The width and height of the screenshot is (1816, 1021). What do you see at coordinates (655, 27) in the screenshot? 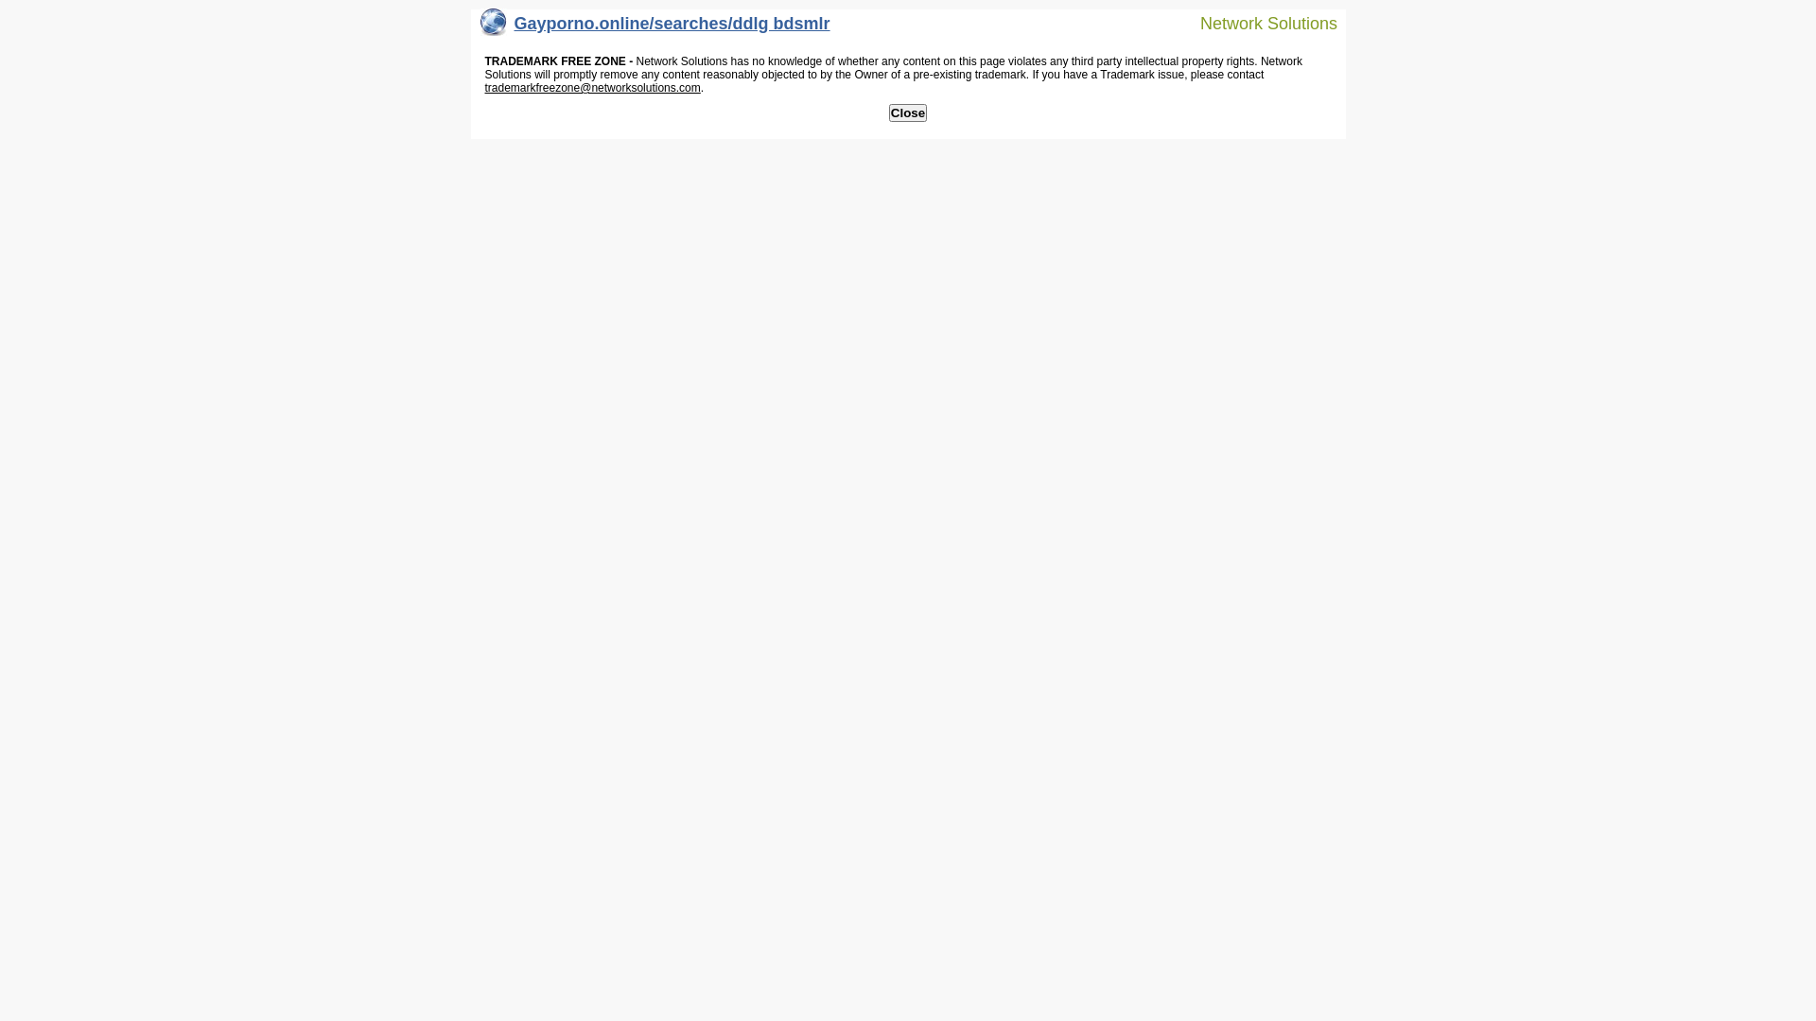
I see `'Gayporno.online/searches/ddlg bdsmlr'` at bounding box center [655, 27].